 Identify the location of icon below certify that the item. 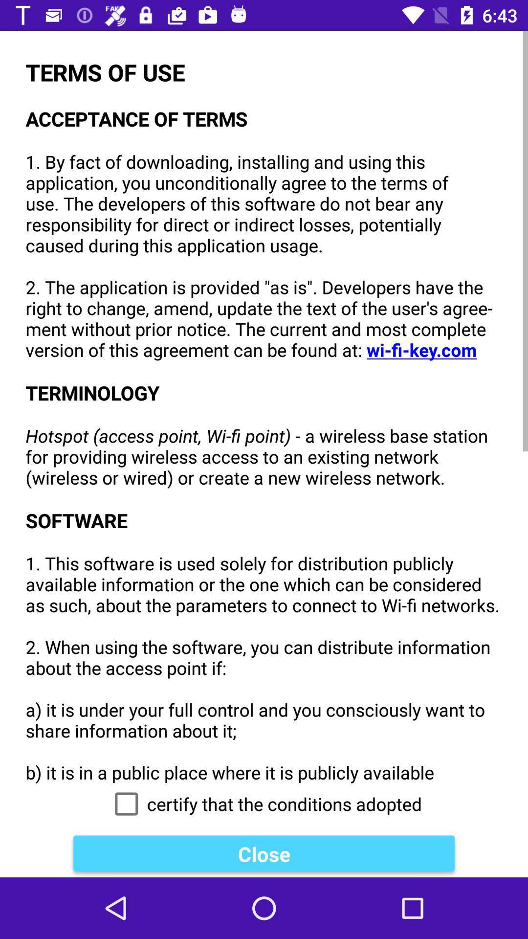
(264, 853).